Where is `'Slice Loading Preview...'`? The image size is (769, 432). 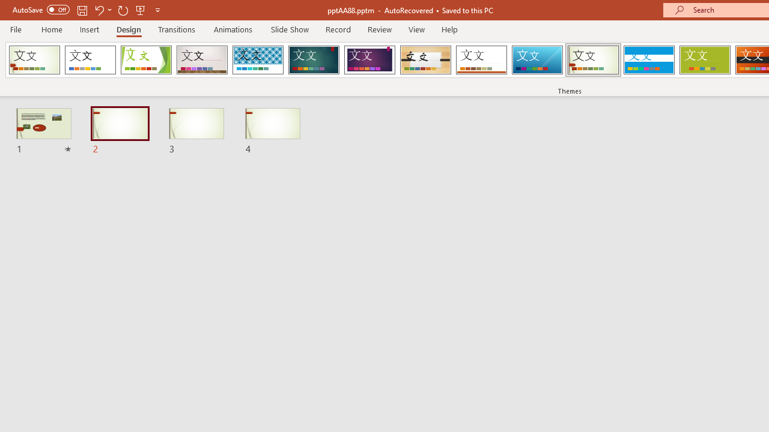
'Slice Loading Preview...' is located at coordinates (536, 60).